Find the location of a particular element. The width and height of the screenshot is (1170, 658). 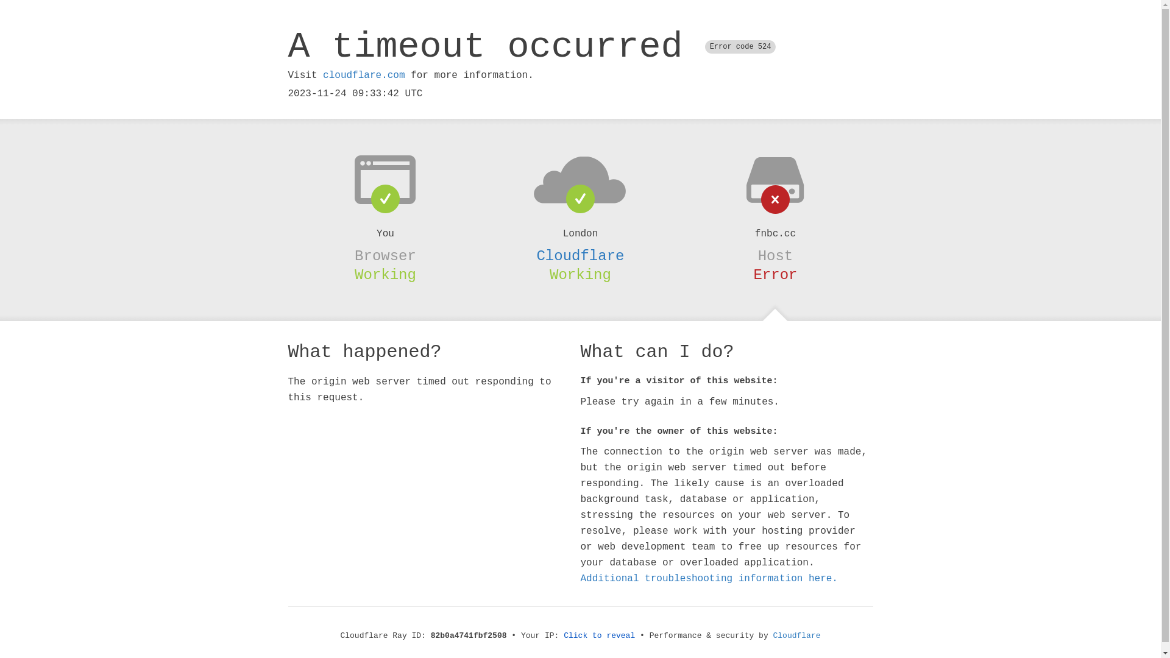

'Additional troubleshooting information here.' is located at coordinates (708, 578).